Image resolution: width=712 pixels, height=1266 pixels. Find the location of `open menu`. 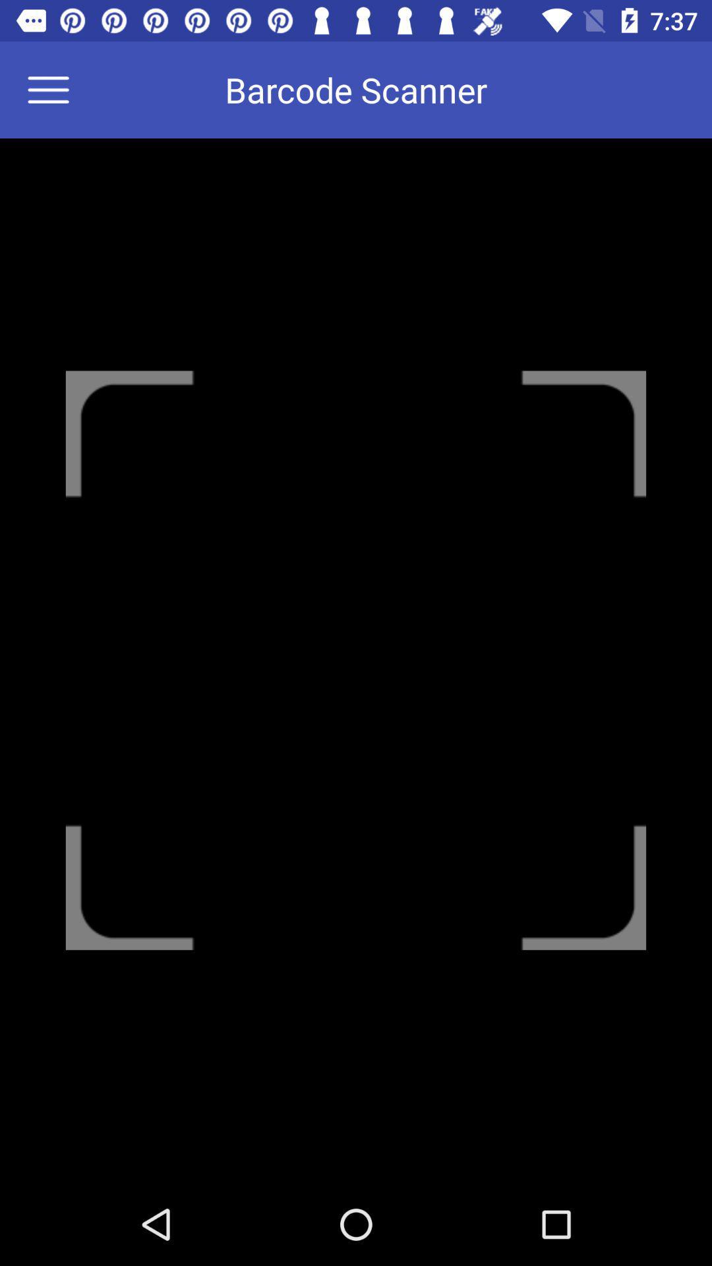

open menu is located at coordinates (56, 89).